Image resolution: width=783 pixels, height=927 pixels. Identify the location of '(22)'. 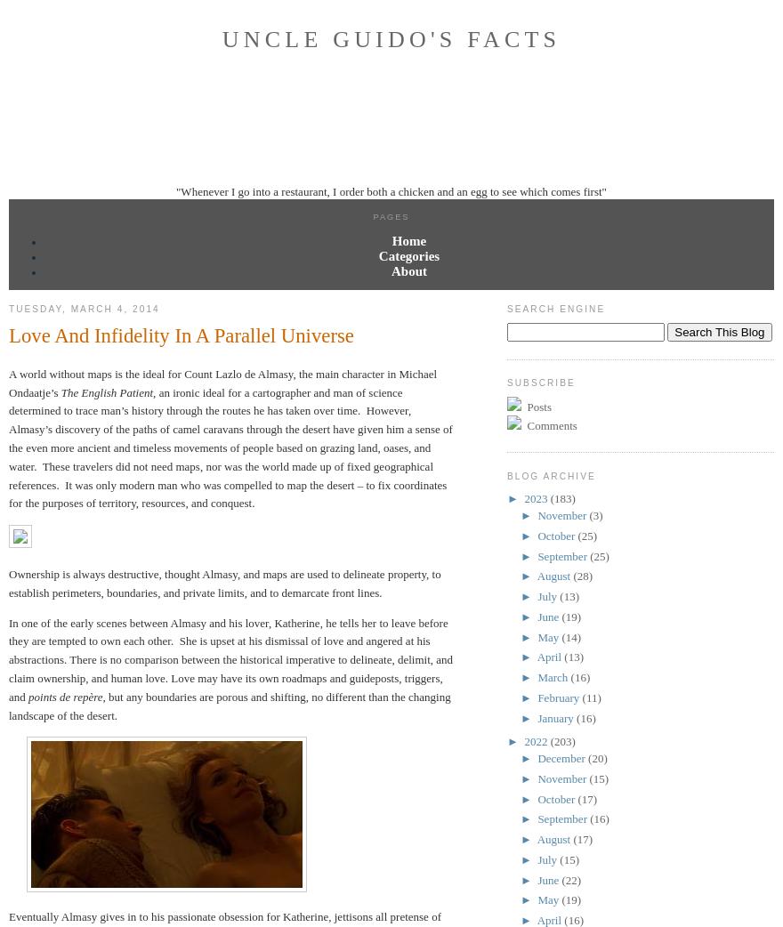
(570, 879).